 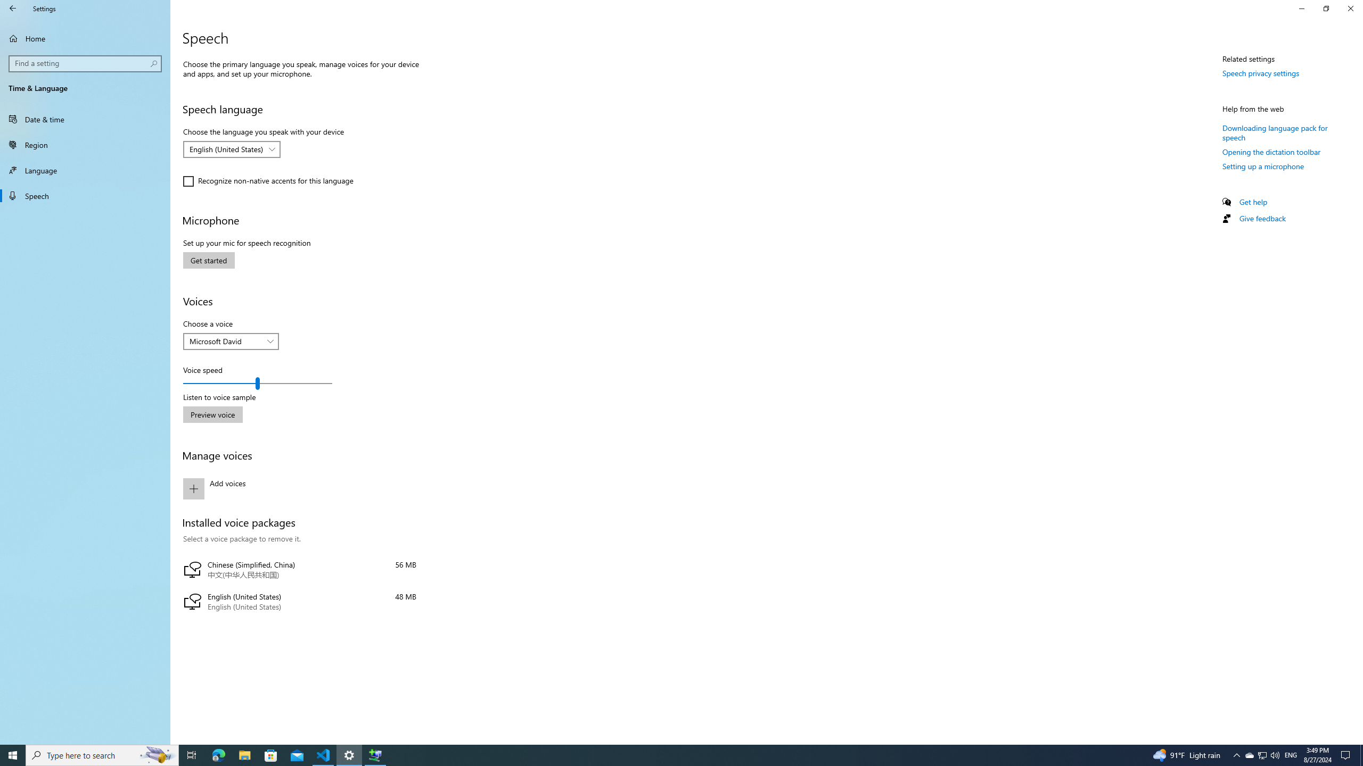 I want to click on 'Downloading language pack for speech', so click(x=1274, y=132).